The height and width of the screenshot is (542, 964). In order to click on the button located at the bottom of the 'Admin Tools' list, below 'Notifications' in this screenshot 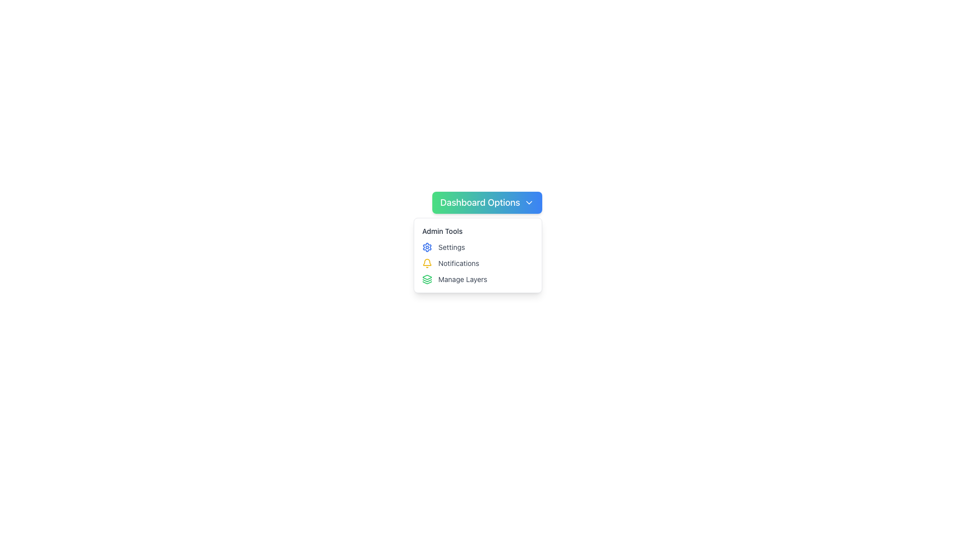, I will do `click(477, 279)`.